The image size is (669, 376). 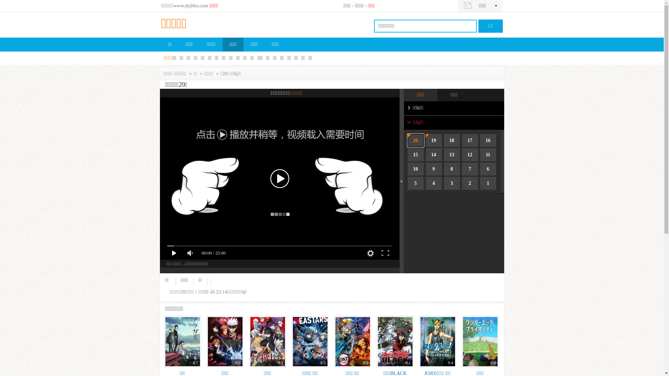 What do you see at coordinates (462, 154) in the screenshot?
I see `'12'` at bounding box center [462, 154].